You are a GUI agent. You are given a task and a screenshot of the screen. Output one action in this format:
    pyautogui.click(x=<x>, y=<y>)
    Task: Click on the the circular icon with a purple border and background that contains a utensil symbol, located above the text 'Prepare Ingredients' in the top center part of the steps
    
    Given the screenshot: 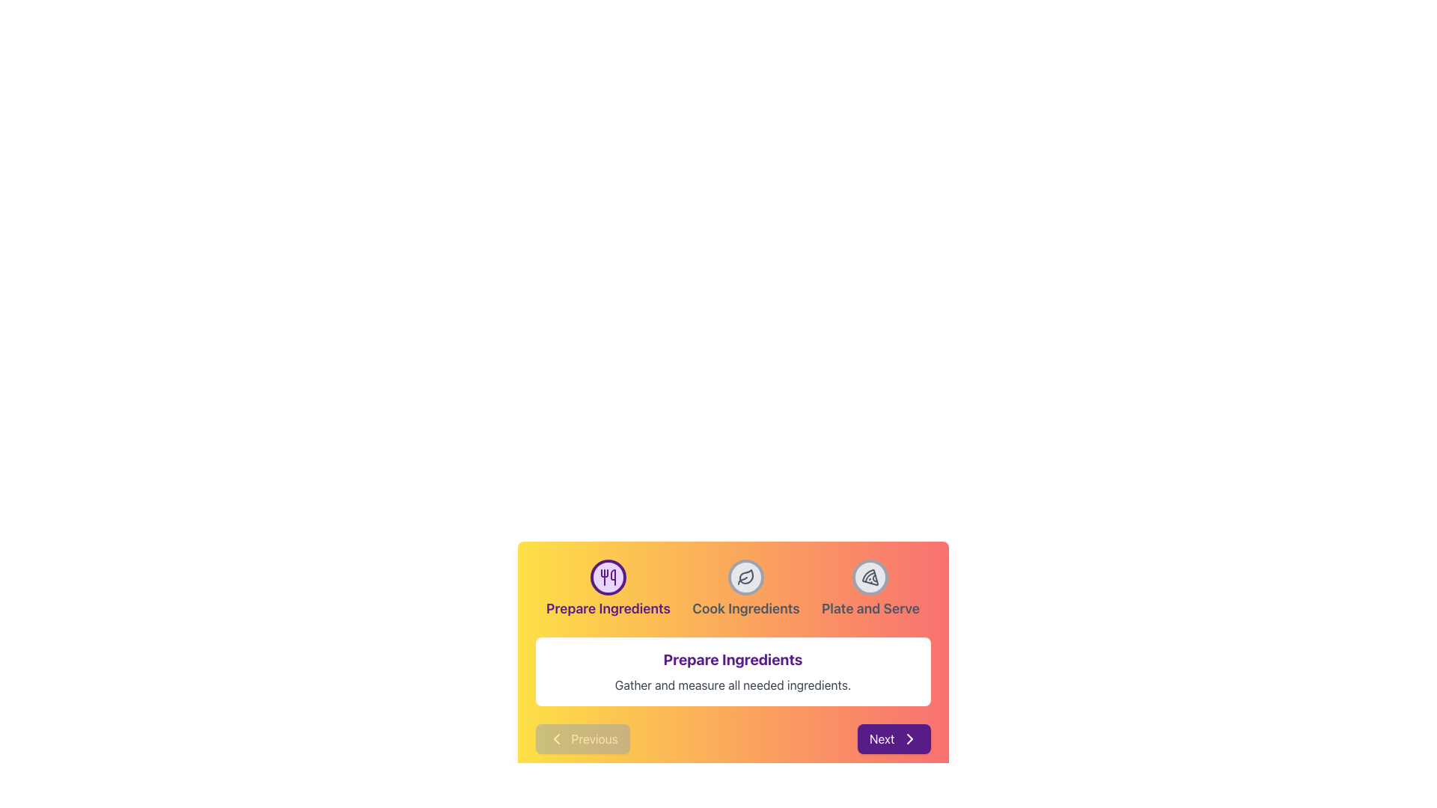 What is the action you would take?
    pyautogui.click(x=608, y=576)
    